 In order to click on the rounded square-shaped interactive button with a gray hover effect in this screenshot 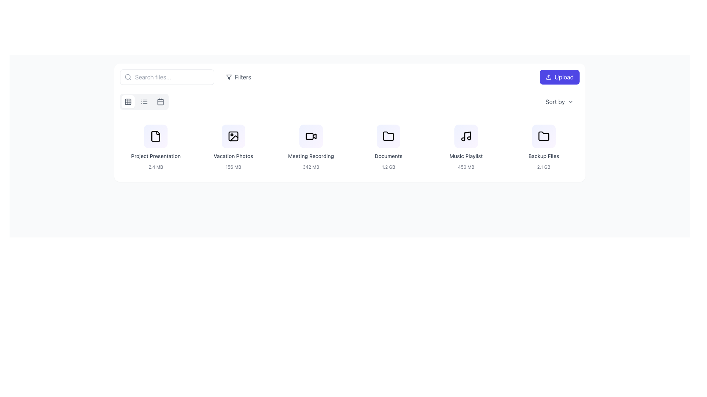, I will do `click(144, 102)`.